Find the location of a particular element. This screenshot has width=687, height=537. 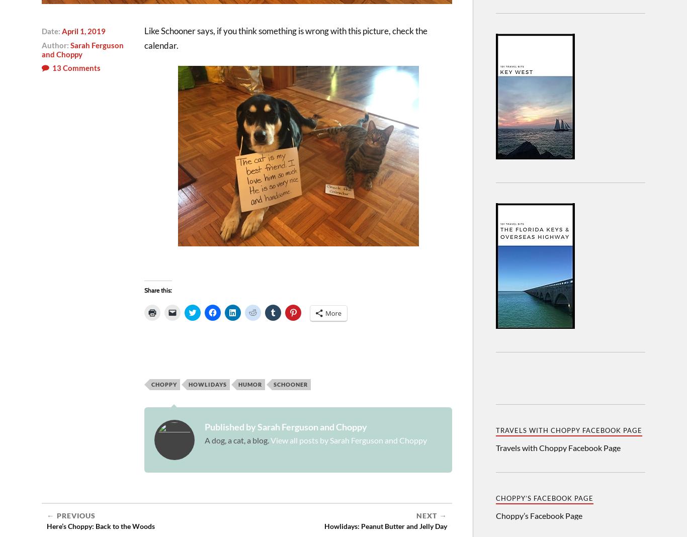

'Date:' is located at coordinates (42, 30).